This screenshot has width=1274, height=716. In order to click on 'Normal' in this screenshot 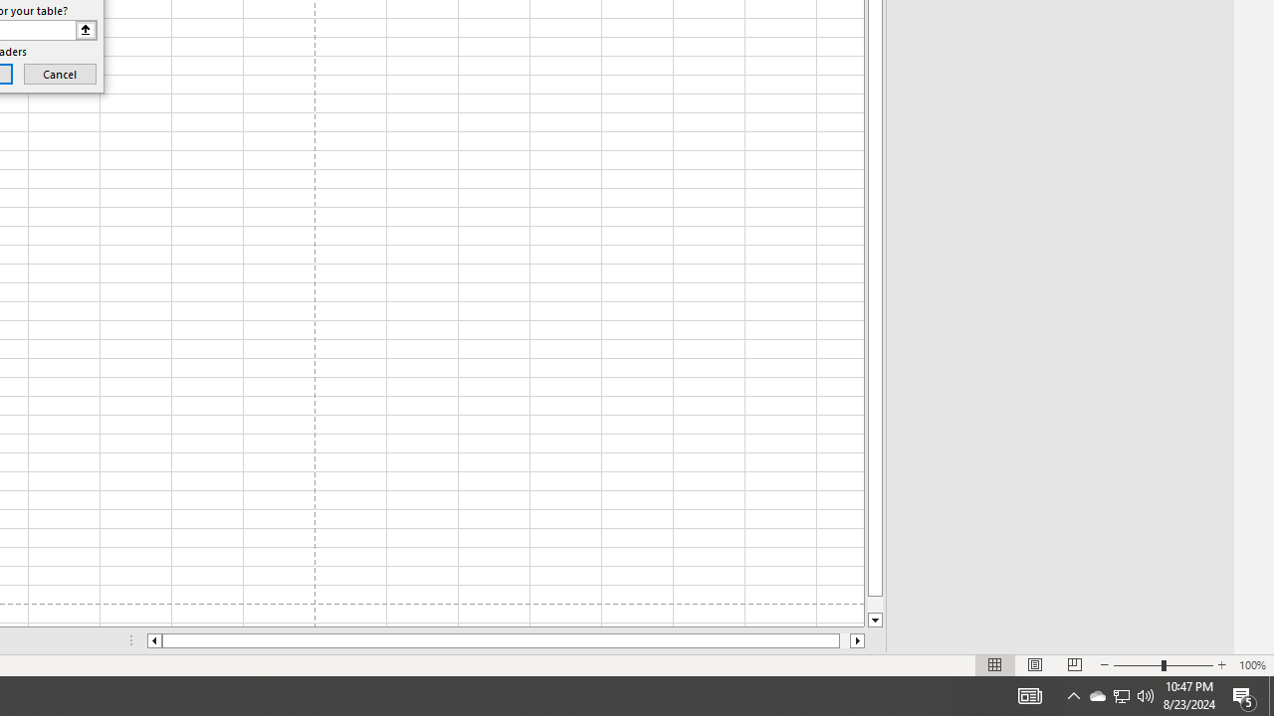, I will do `click(995, 665)`.